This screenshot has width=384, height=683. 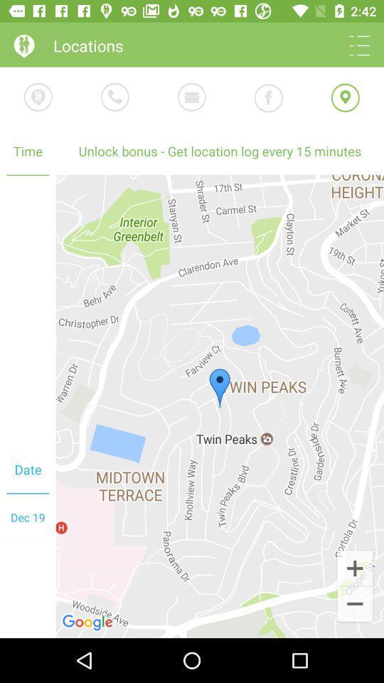 I want to click on bring up settings, so click(x=358, y=46).